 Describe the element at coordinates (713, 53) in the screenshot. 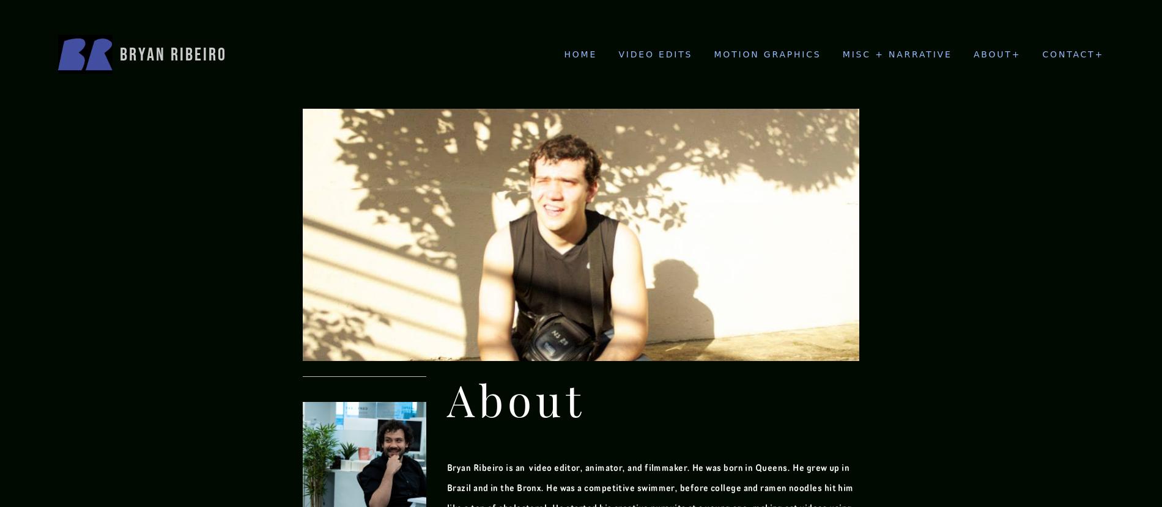

I see `'Motion Graphics'` at that location.